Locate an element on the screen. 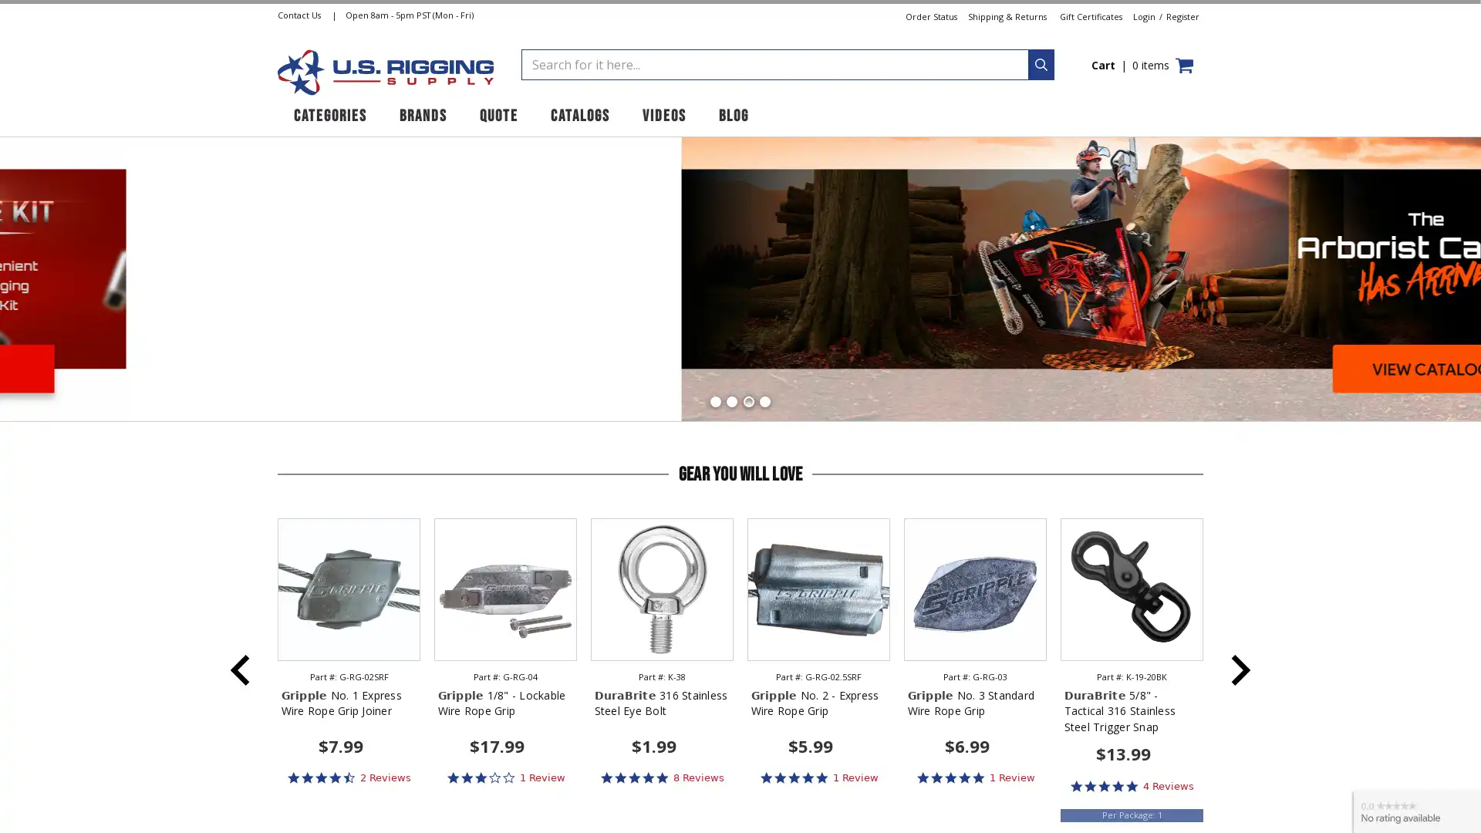  2 is located at coordinates (731, 400).